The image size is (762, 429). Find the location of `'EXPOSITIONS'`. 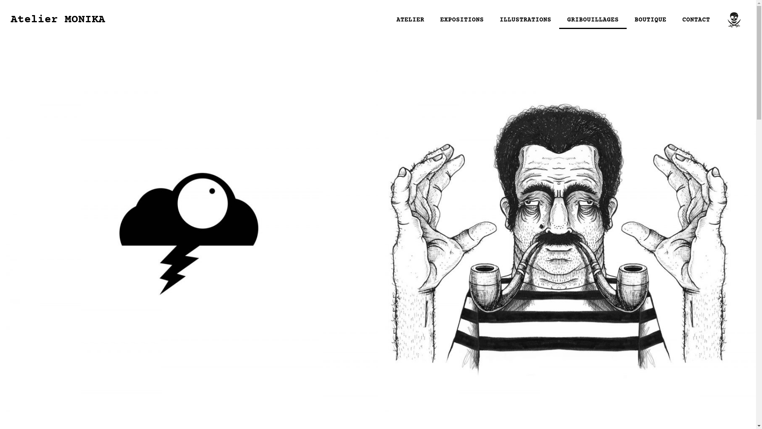

'EXPOSITIONS' is located at coordinates (432, 19).